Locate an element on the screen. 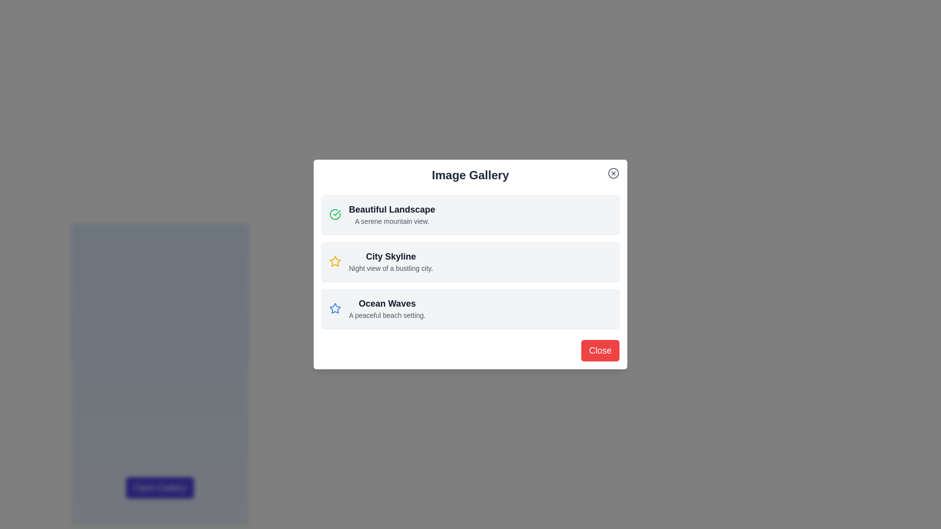 The width and height of the screenshot is (941, 529). text label that displays 'Ocean Waves', which is styled prominently as a header above the subtitle 'A peaceful beach setting' is located at coordinates (387, 303).